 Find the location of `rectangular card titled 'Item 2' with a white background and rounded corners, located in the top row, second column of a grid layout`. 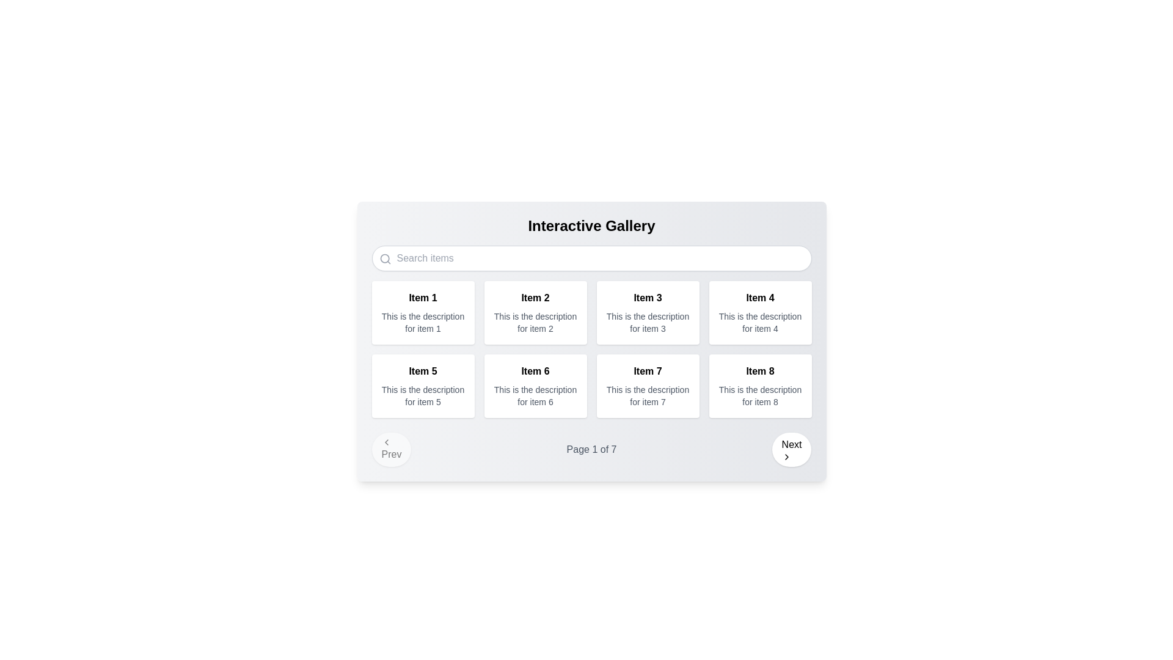

rectangular card titled 'Item 2' with a white background and rounded corners, located in the top row, second column of a grid layout is located at coordinates (535, 312).